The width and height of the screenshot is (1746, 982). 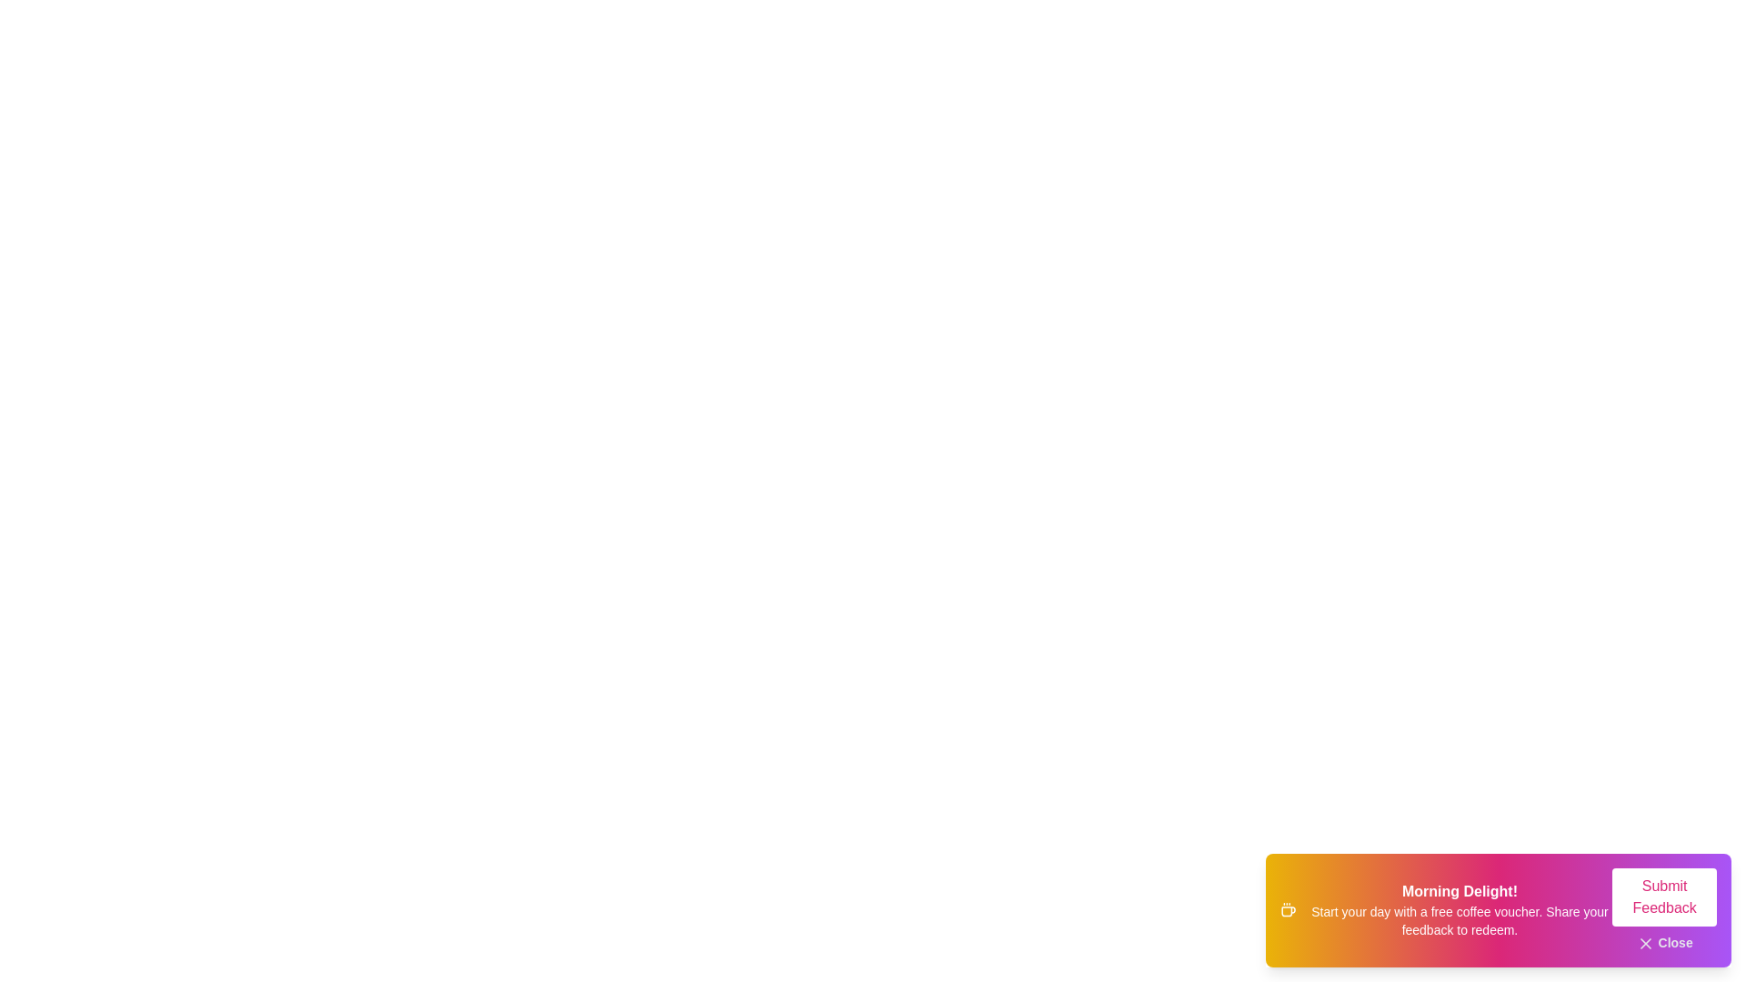 What do you see at coordinates (1664, 896) in the screenshot?
I see `the 'Submit Feedback' button` at bounding box center [1664, 896].